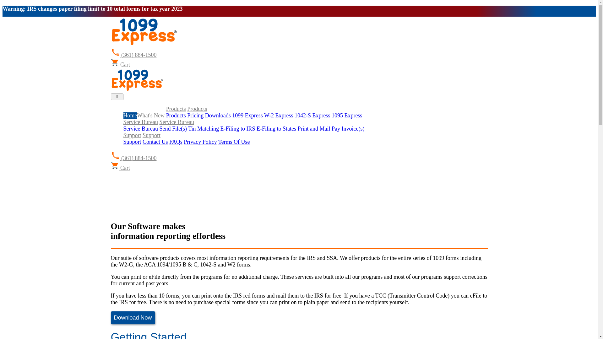 The height and width of the screenshot is (339, 603). I want to click on 'Products', so click(197, 109).